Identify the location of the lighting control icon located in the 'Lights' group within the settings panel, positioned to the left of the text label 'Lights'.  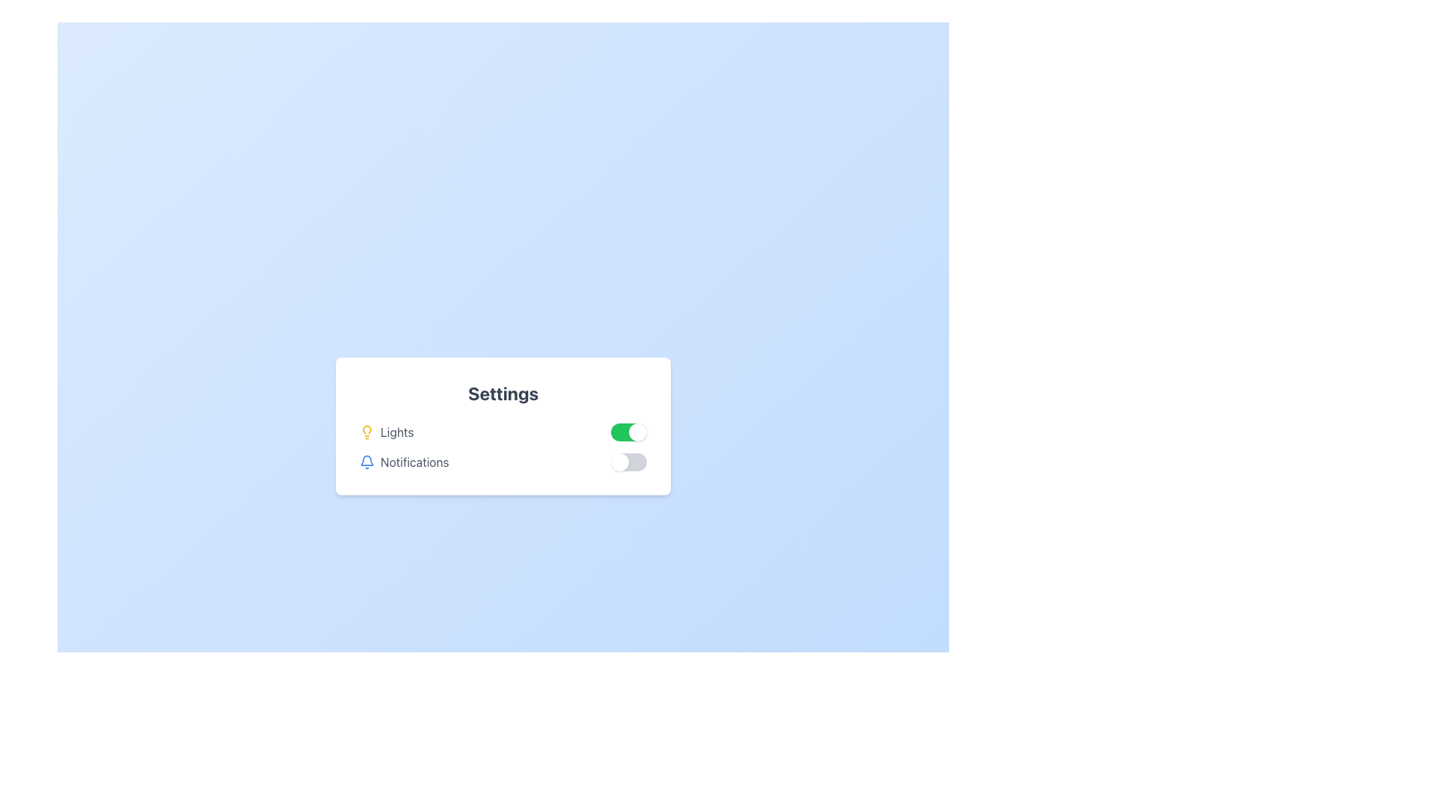
(366, 432).